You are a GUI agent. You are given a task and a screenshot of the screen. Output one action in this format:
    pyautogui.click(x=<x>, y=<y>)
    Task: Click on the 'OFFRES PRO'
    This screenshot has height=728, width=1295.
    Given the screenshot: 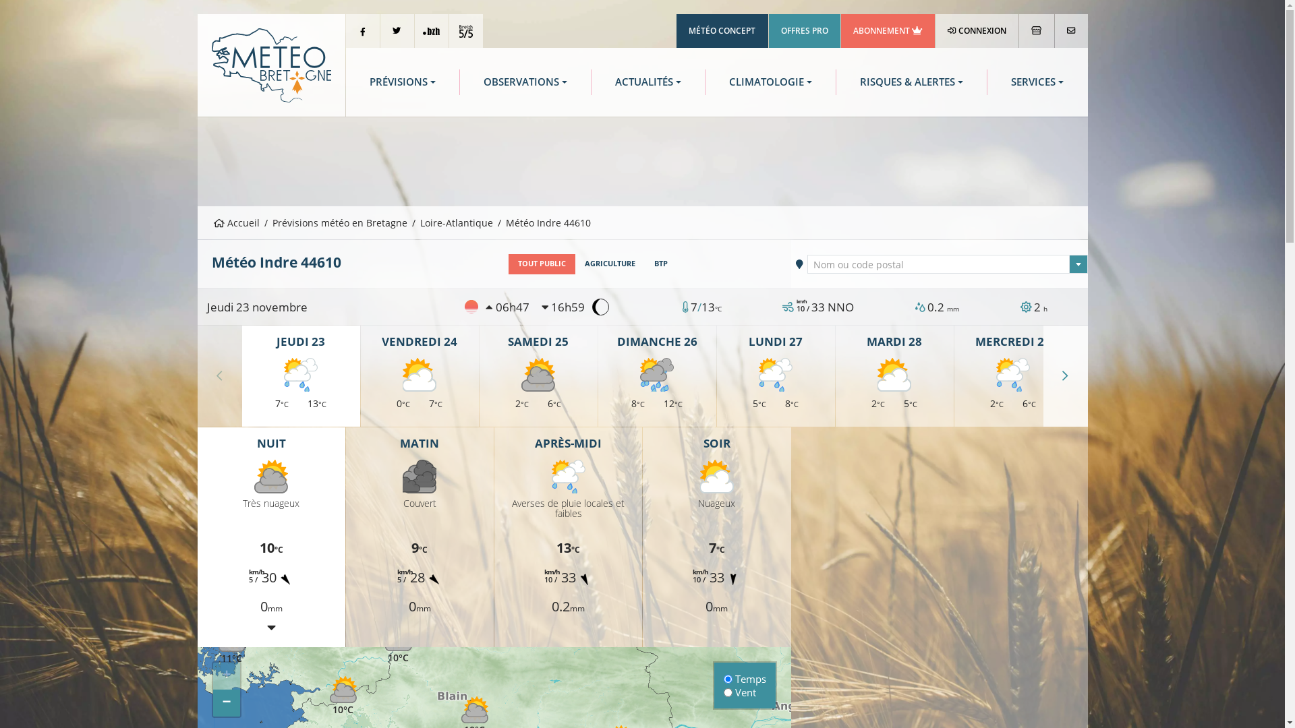 What is the action you would take?
    pyautogui.click(x=769, y=30)
    